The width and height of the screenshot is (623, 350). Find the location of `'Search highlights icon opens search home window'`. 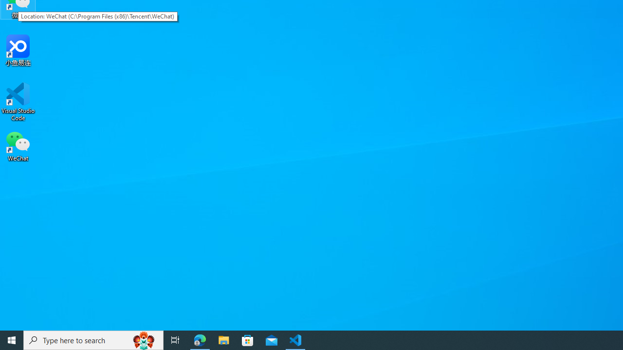

'Search highlights icon opens search home window' is located at coordinates (143, 339).